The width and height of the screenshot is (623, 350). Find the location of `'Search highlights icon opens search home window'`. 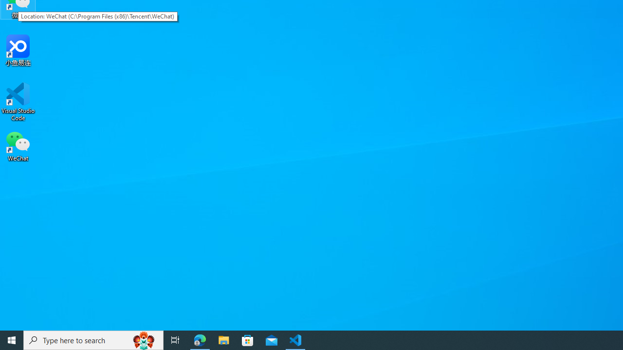

'Search highlights icon opens search home window' is located at coordinates (143, 339).